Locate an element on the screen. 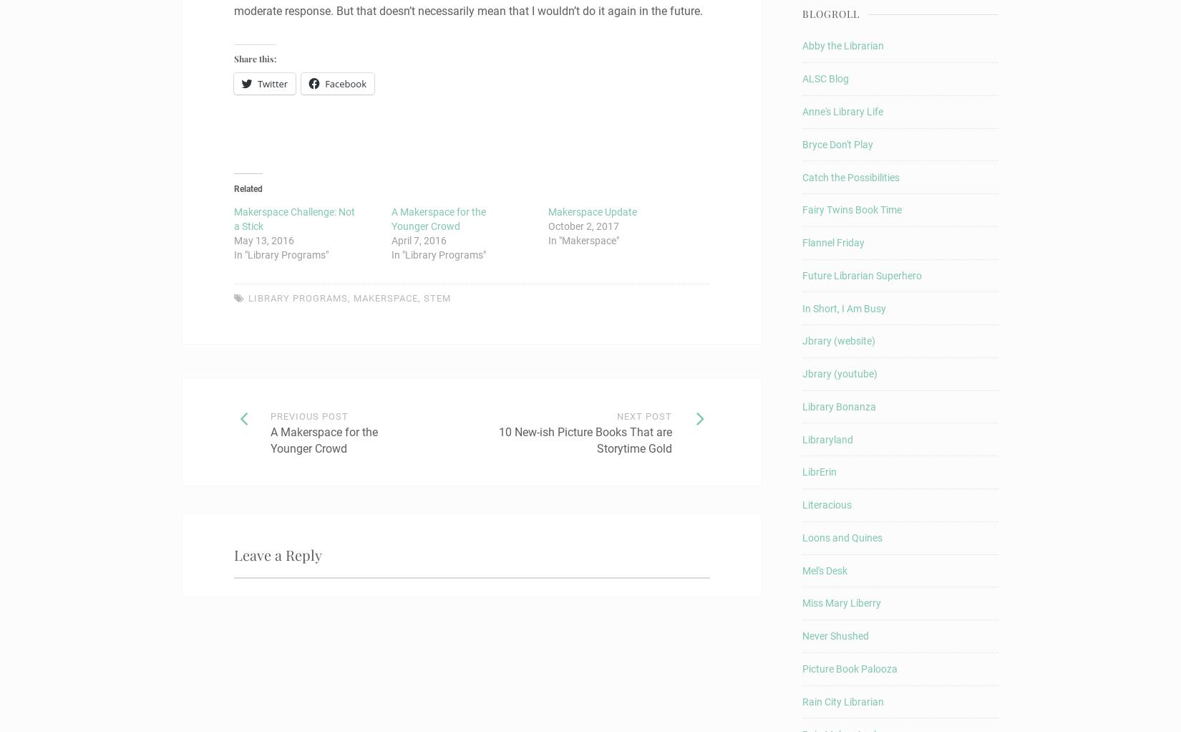 This screenshot has height=732, width=1181. 'Twitter' is located at coordinates (272, 82).